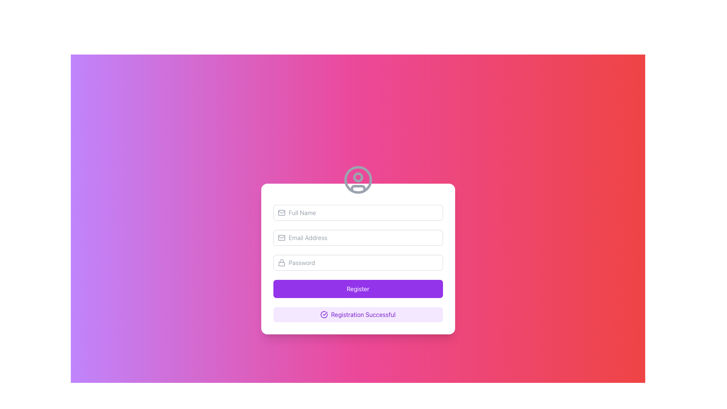  What do you see at coordinates (357, 180) in the screenshot?
I see `the circular user profile icon that is positioned above the registration form and is light gray in color` at bounding box center [357, 180].